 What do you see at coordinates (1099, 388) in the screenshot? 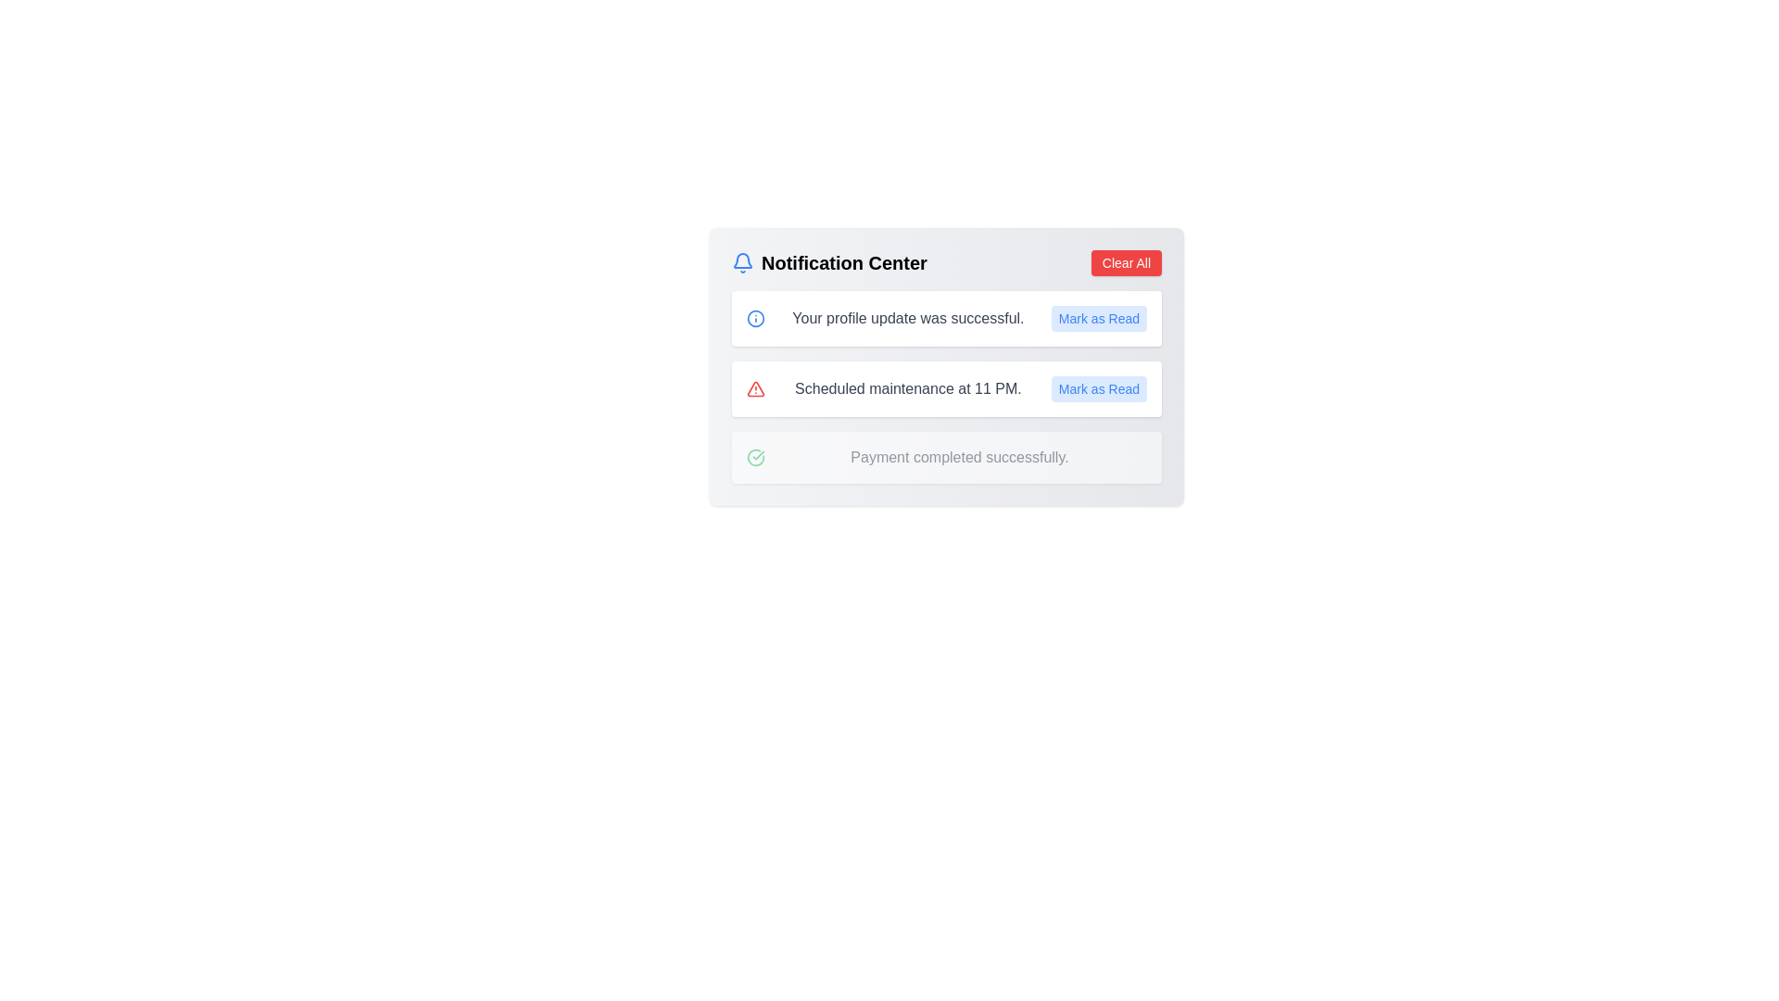
I see `the blue text button labeled 'Mark as Read' to mark the notification as read` at bounding box center [1099, 388].